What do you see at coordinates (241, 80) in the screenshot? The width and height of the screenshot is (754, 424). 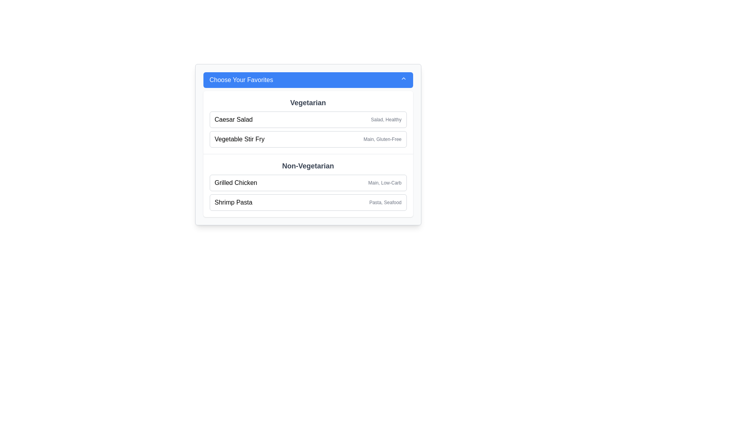 I see `the text label located centrally within the blue header section at the top of the pane, which serves as a header or title for the section below` at bounding box center [241, 80].